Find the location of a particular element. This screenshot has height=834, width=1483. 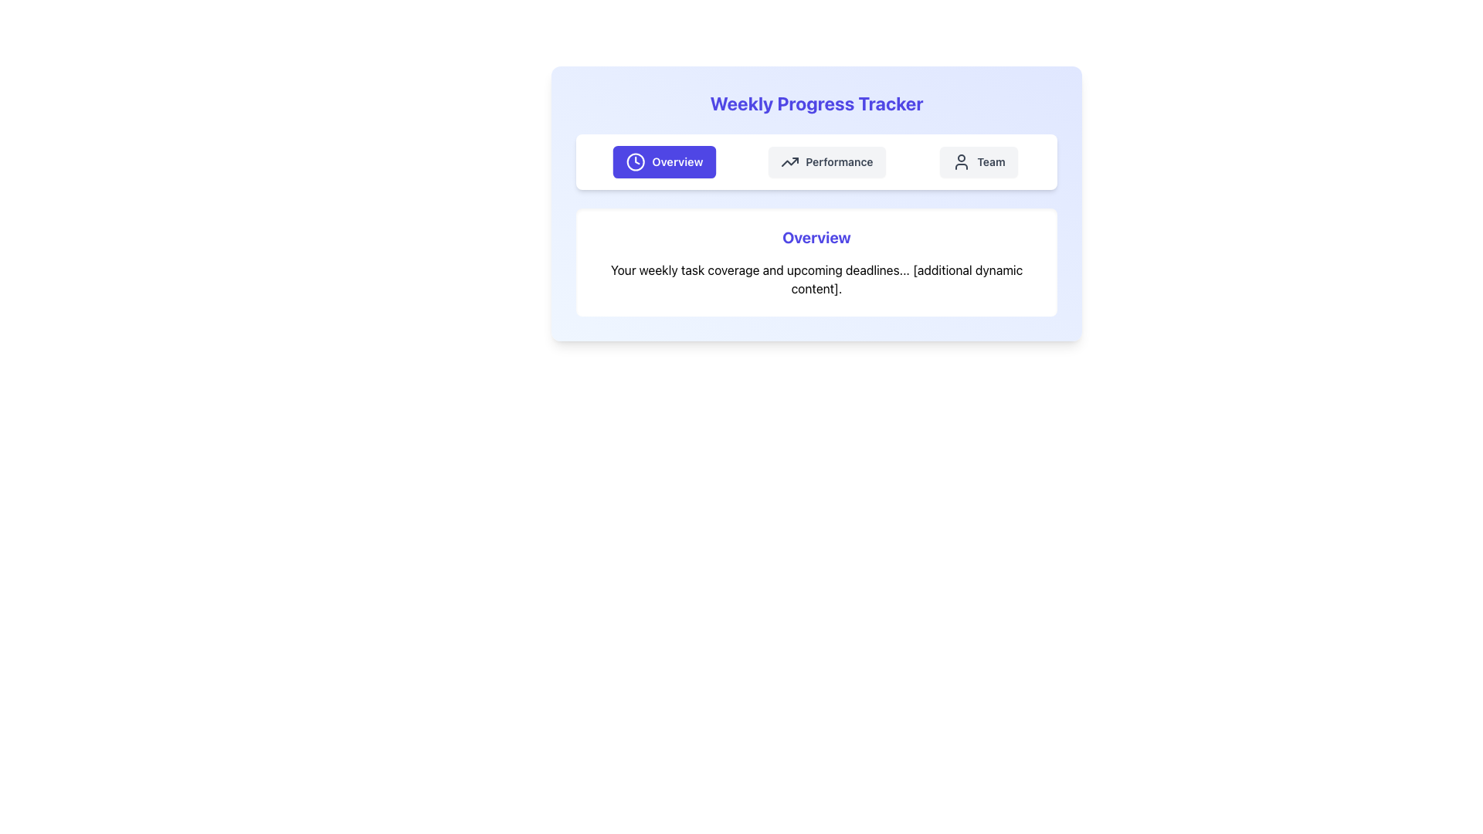

the text label stating 'Your weekly task coverage and upcoming deadlines...' which is positioned directly below the 'Overview' title is located at coordinates (816, 280).